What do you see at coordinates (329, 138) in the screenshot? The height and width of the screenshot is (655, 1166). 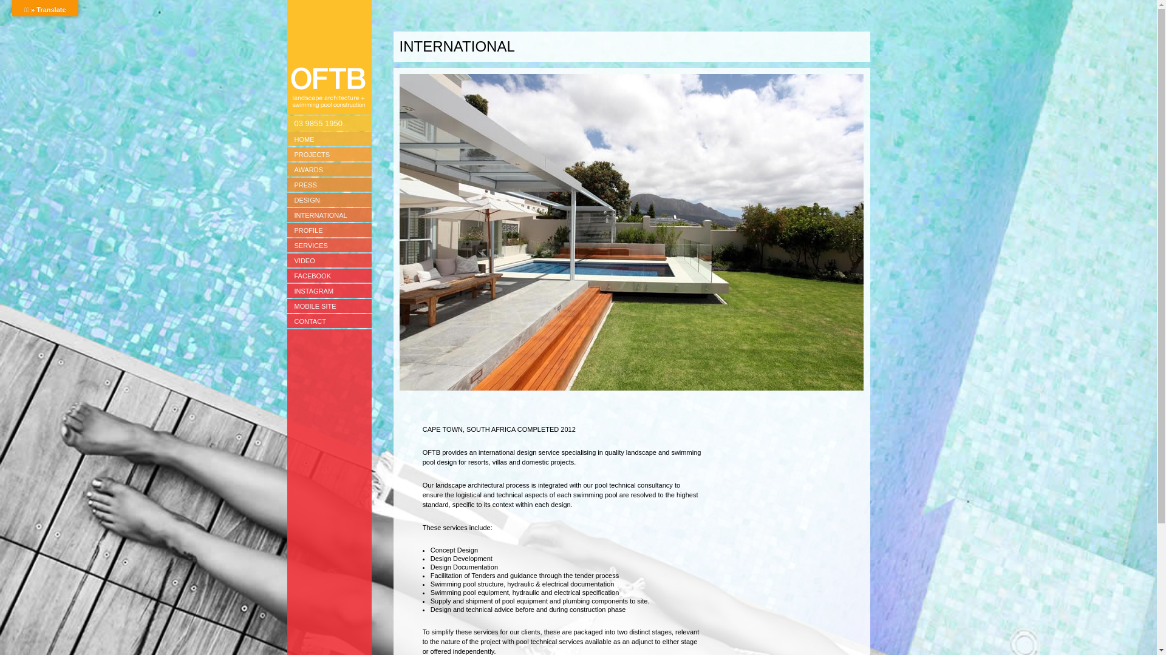 I see `'HOME'` at bounding box center [329, 138].